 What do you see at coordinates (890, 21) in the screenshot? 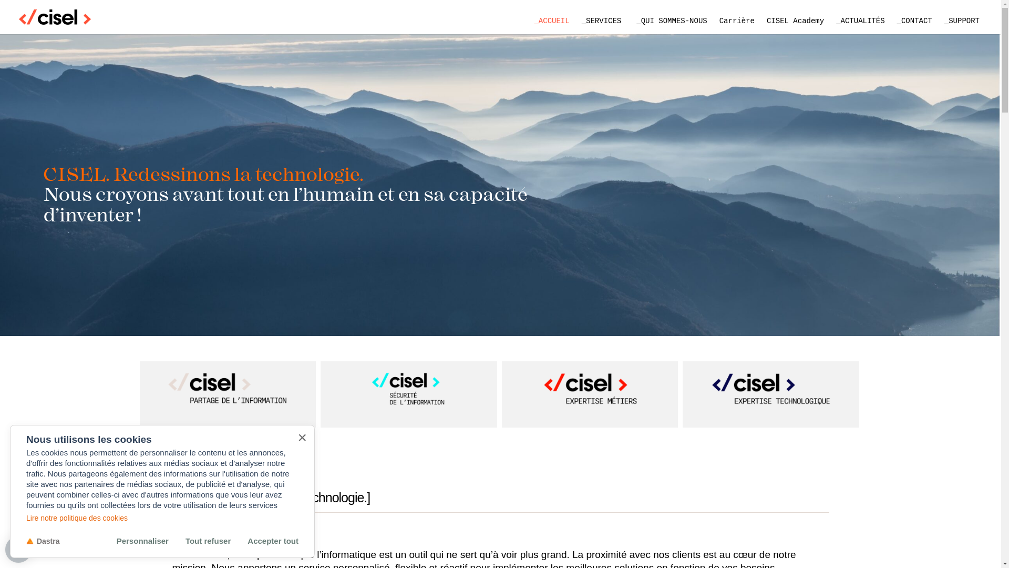
I see `'_CONTACT'` at bounding box center [890, 21].